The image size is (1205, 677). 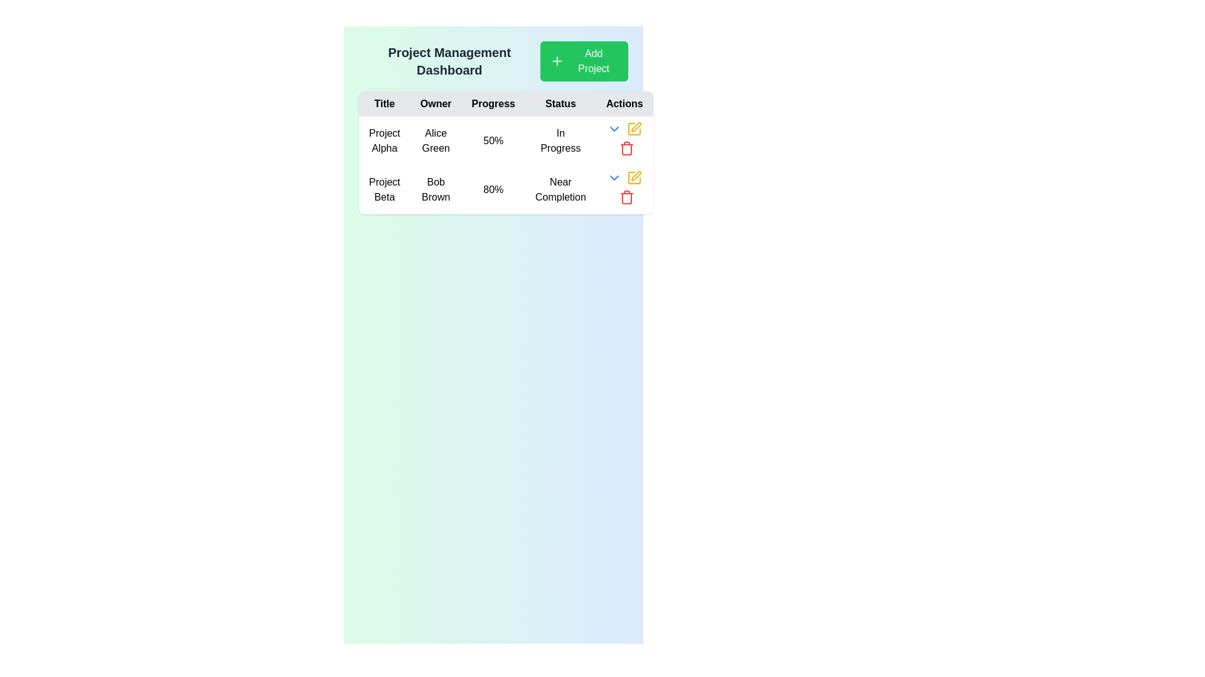 What do you see at coordinates (583, 61) in the screenshot?
I see `the 'Add New Project' button located near the top right section of the interface, adjacent to the header text 'Project Management Dashboard', to observe hover effects` at bounding box center [583, 61].